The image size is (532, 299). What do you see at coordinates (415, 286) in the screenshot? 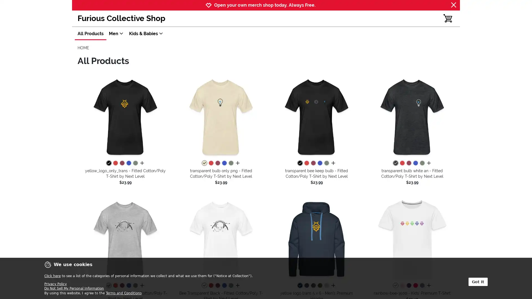
I see `dark pink` at bounding box center [415, 286].